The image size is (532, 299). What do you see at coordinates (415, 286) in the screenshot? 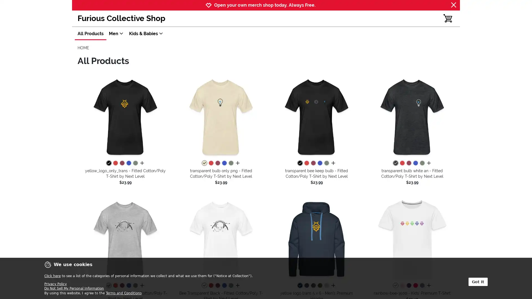
I see `dark pink` at bounding box center [415, 286].